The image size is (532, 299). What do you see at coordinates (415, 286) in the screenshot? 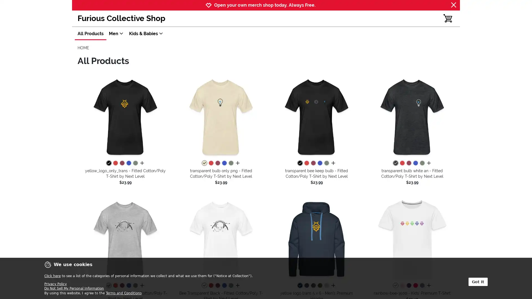
I see `dark pink` at bounding box center [415, 286].